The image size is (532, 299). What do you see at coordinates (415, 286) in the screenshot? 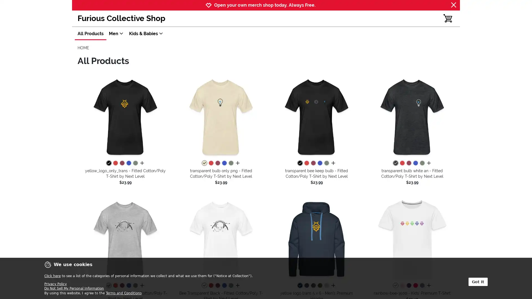
I see `dark pink` at bounding box center [415, 286].